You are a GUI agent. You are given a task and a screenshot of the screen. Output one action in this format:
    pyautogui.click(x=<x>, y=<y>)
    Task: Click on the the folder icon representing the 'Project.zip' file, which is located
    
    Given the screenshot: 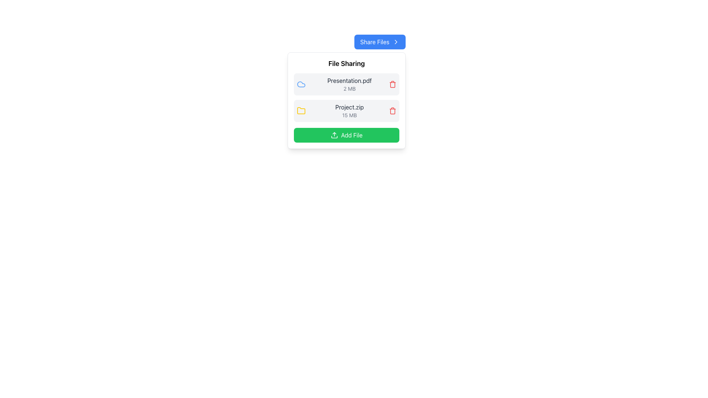 What is the action you would take?
    pyautogui.click(x=301, y=111)
    